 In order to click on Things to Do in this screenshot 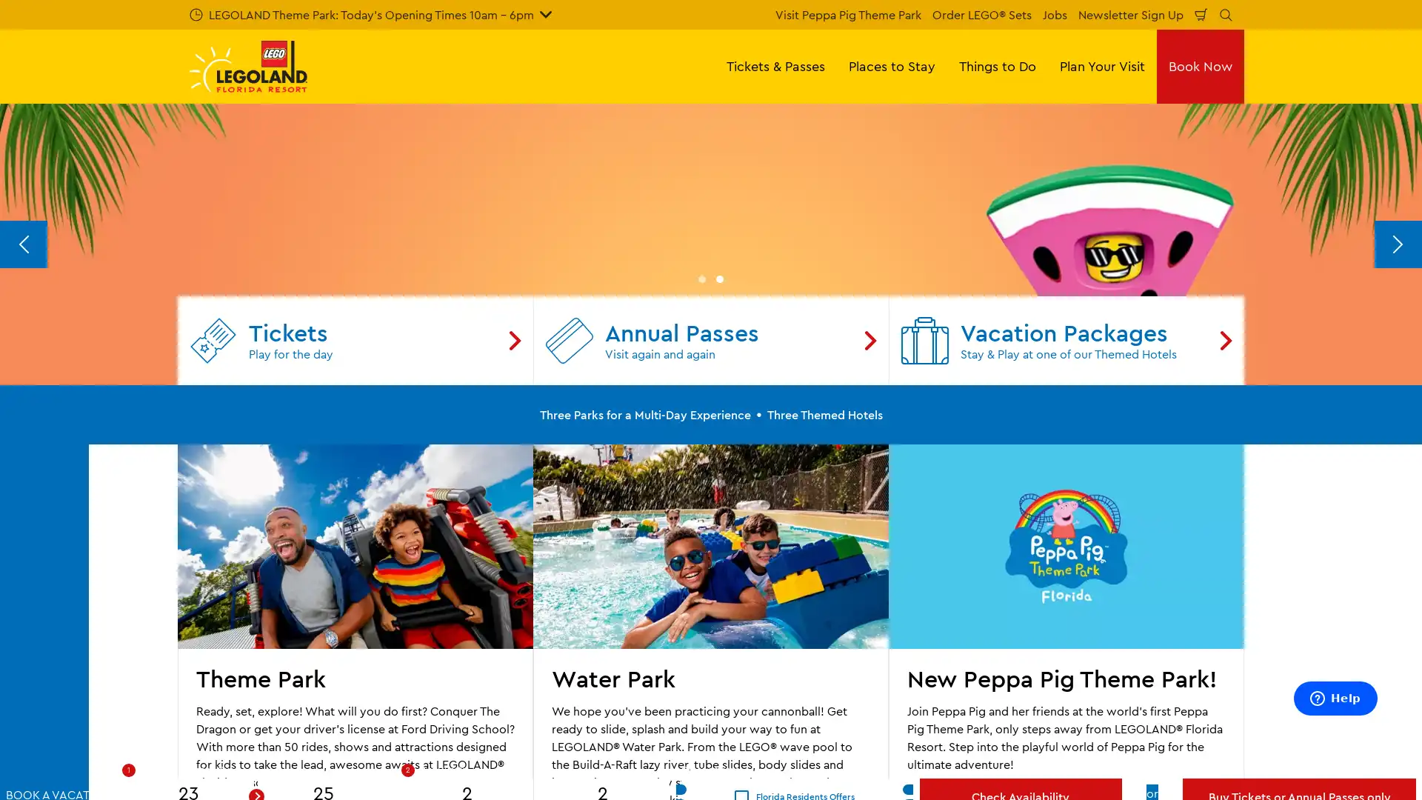, I will do `click(998, 65)`.